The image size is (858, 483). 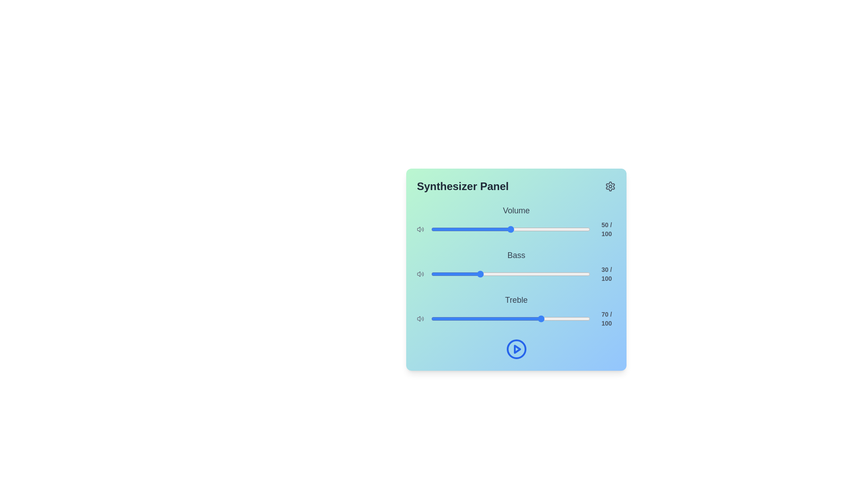 What do you see at coordinates (453, 229) in the screenshot?
I see `the volume slider to set the sound level to 14%` at bounding box center [453, 229].